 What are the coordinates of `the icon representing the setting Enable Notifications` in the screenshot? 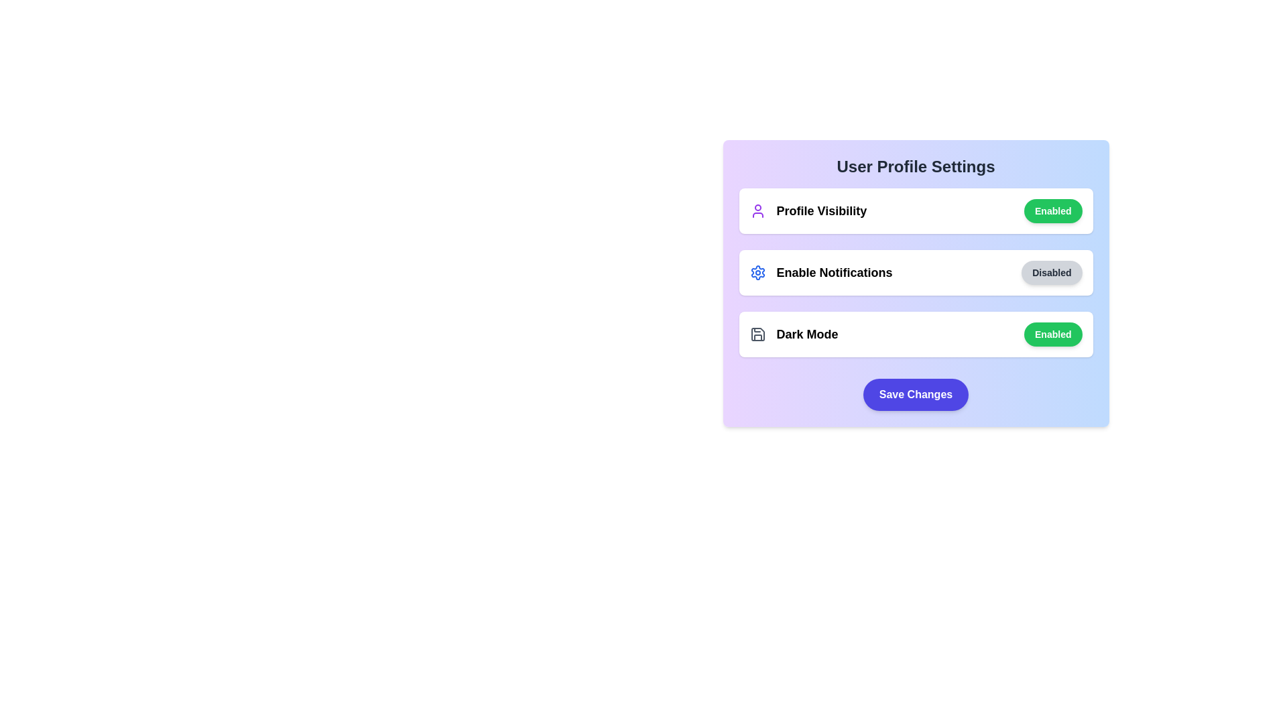 It's located at (757, 272).